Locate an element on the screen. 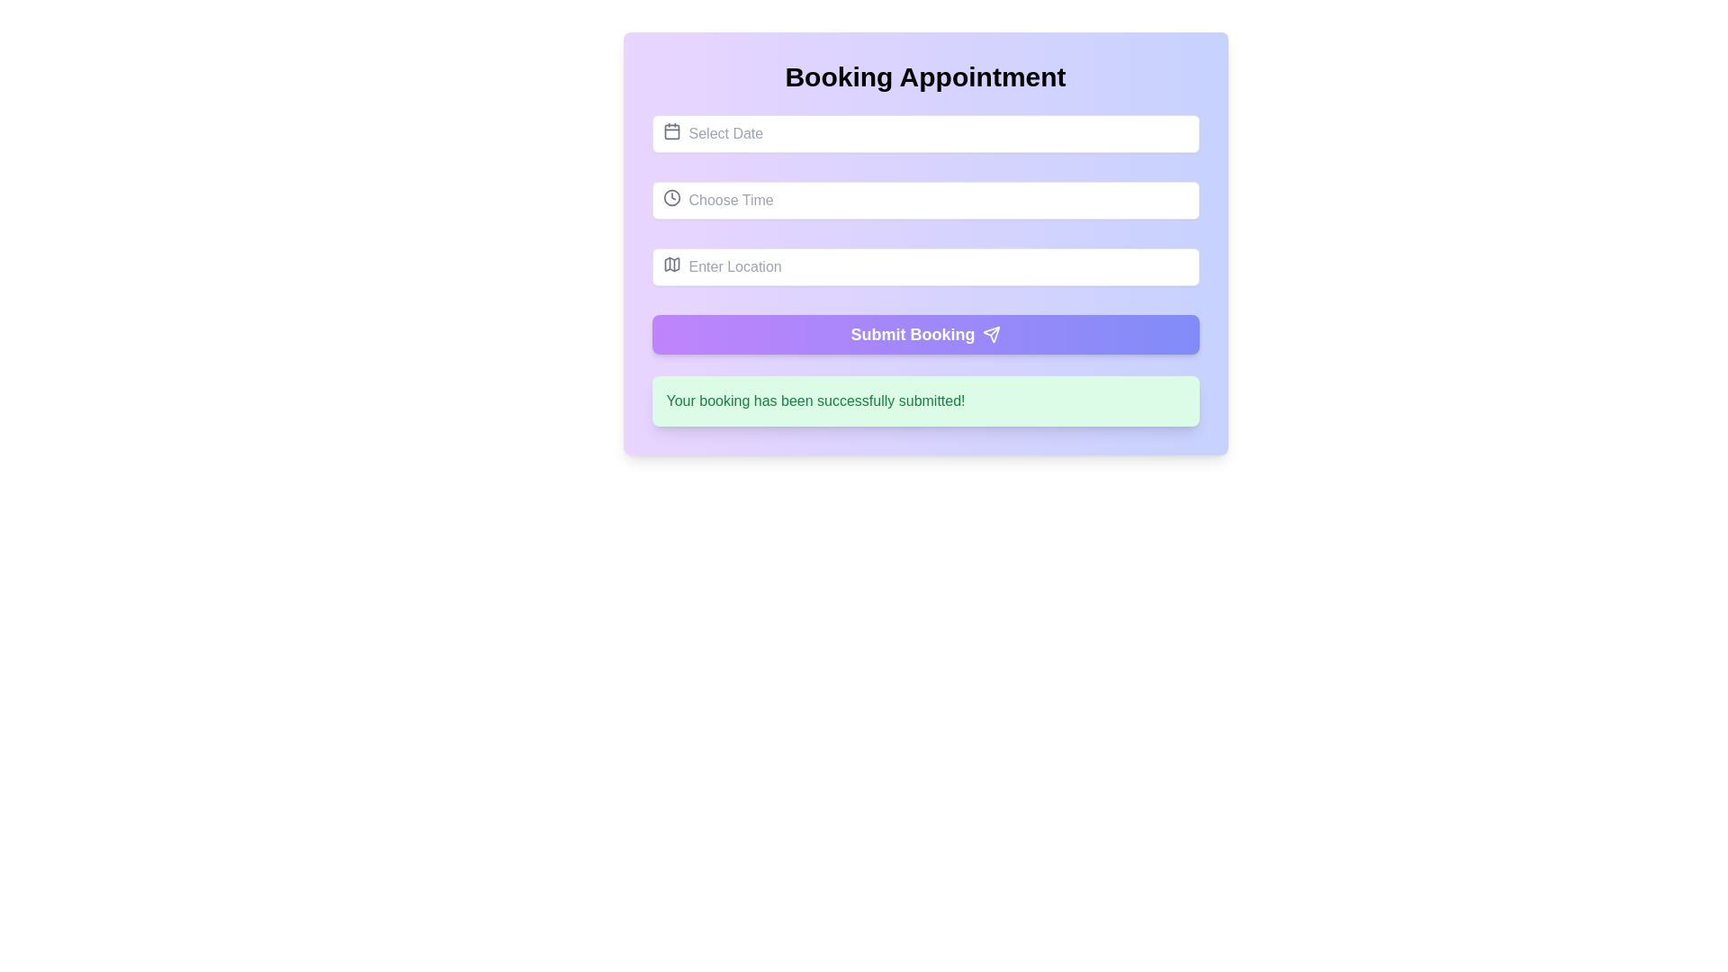 This screenshot has width=1728, height=972. the icon located to the right of the 'Submit Booking' text within the 'Submit Booking' button is located at coordinates (990, 334).